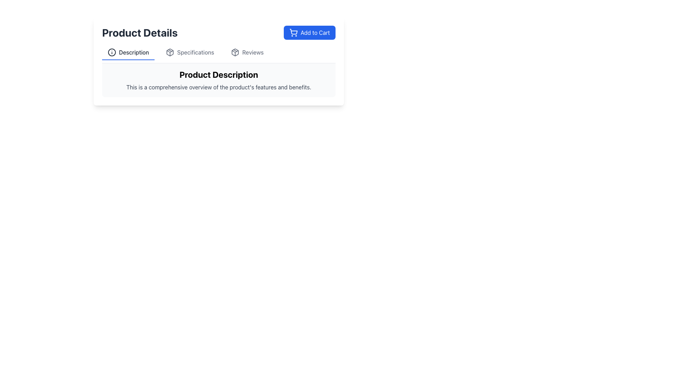 Image resolution: width=676 pixels, height=380 pixels. I want to click on the SVG circle element that represents the 'Description' tab in the 'Product Details' section, so click(111, 52).